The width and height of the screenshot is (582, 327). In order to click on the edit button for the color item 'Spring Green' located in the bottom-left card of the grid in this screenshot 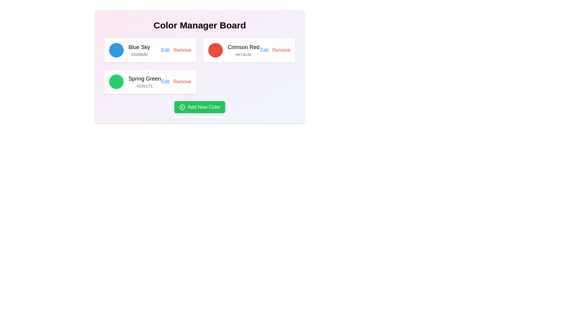, I will do `click(165, 82)`.